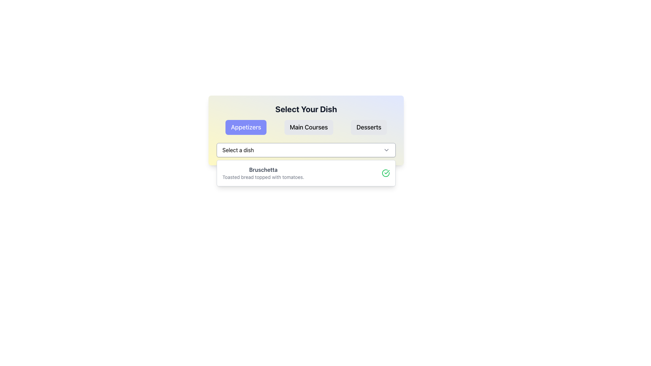 The image size is (651, 366). What do you see at coordinates (245, 127) in the screenshot?
I see `the leftmost button labeled 'Appetizers', which is styled with a rounded border and indigo background` at bounding box center [245, 127].